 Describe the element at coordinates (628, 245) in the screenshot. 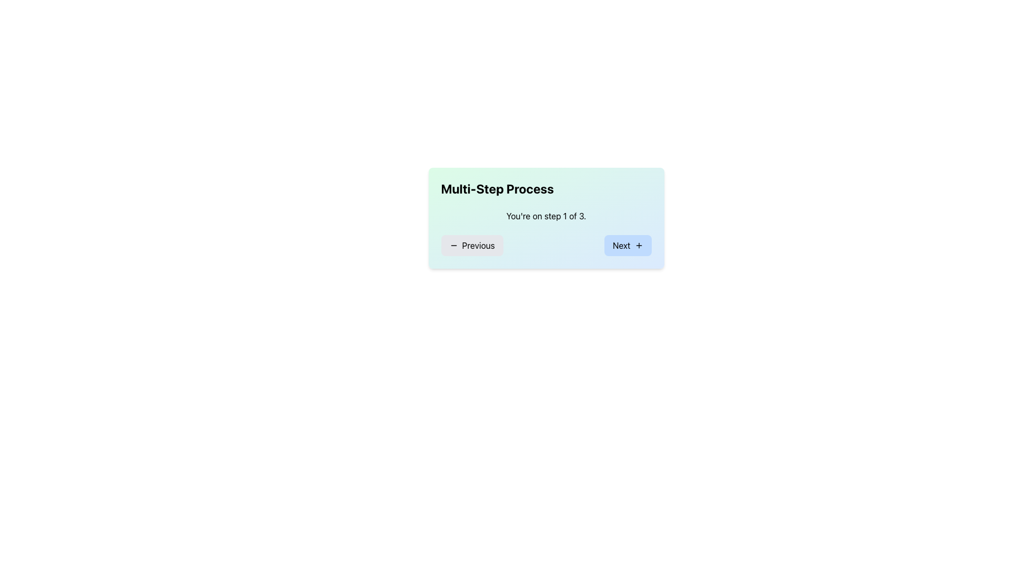

I see `the button labeled 'Next' that is positioned to the right of the 'Previous' button, serving as a navigation control to advance to the next step in the process` at that location.